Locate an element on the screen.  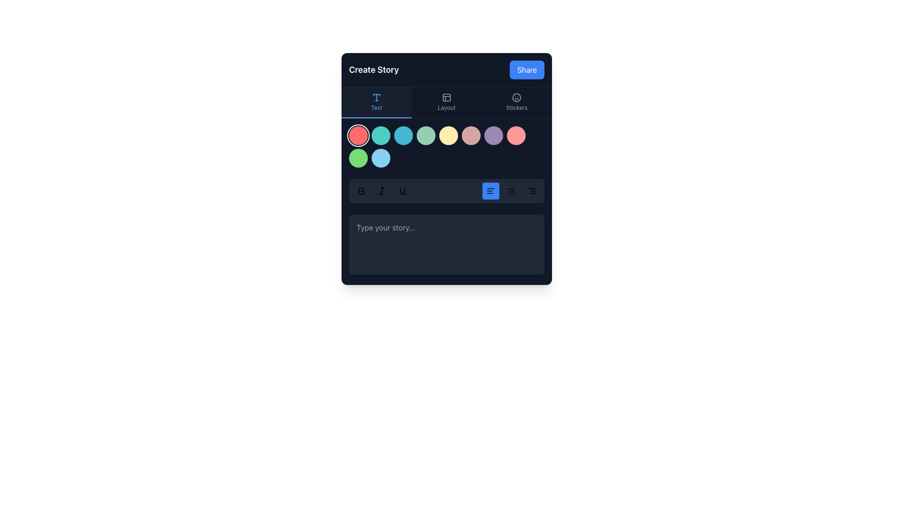
the blue rectangular button with rounded corners that represents left alignment, located at the right side of the text formatting bar is located at coordinates (490, 191).